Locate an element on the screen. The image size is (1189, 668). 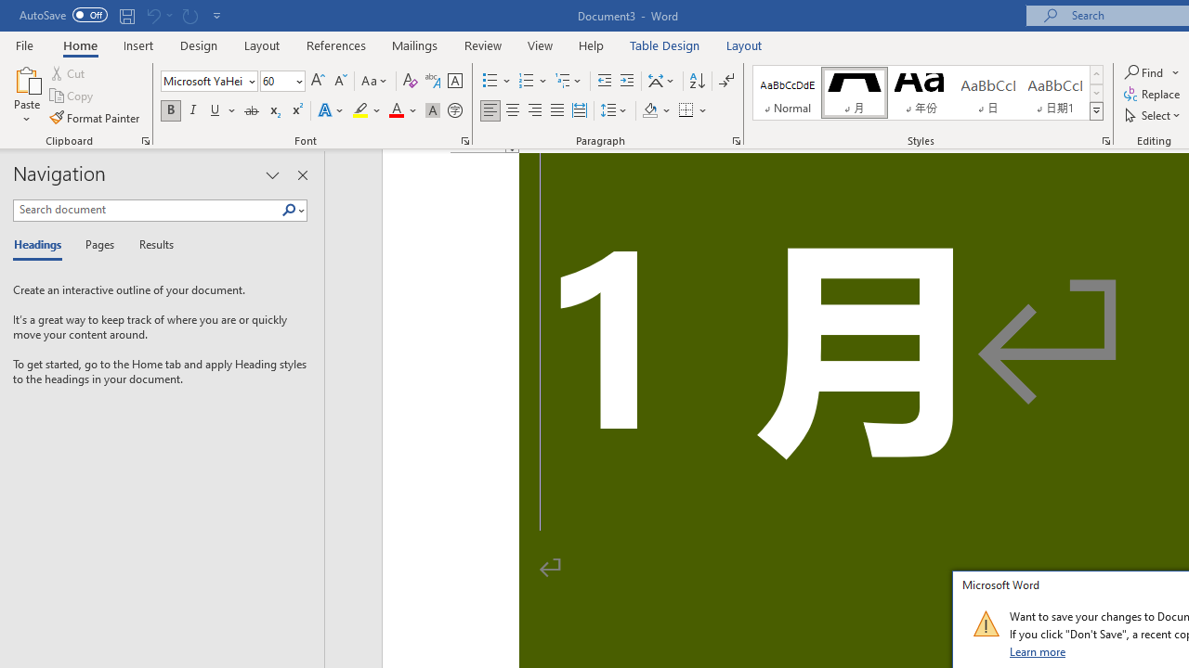
'Format Painter' is located at coordinates (95, 118).